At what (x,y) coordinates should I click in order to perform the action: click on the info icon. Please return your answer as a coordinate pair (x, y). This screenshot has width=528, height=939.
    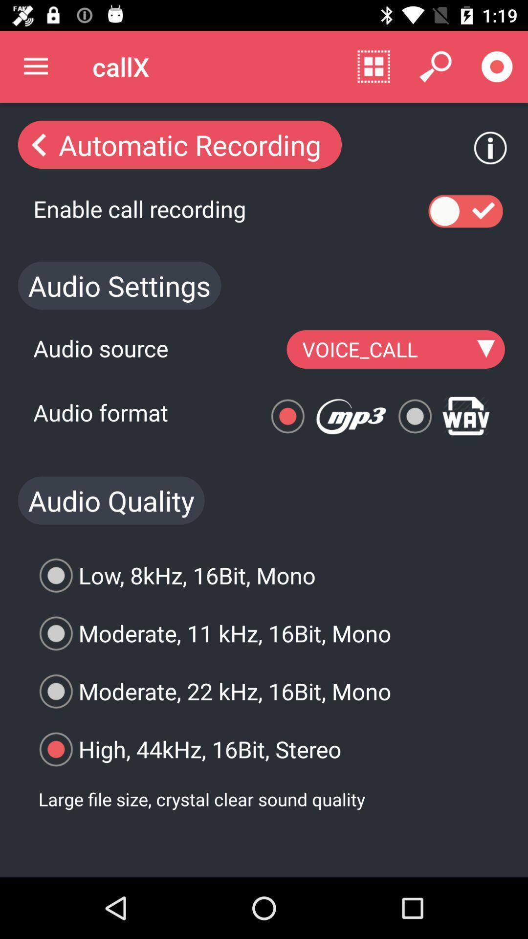
    Looking at the image, I should click on (482, 147).